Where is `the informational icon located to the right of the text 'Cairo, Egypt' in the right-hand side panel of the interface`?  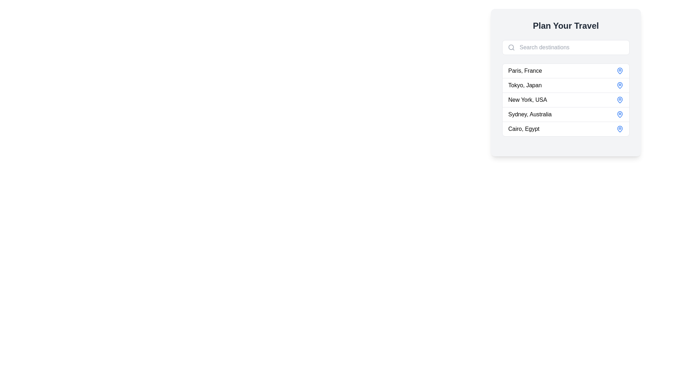 the informational icon located to the right of the text 'Cairo, Egypt' in the right-hand side panel of the interface is located at coordinates (619, 128).